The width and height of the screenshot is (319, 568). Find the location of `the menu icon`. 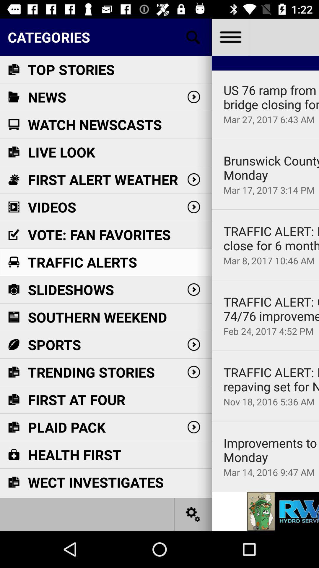

the menu icon is located at coordinates (230, 37).